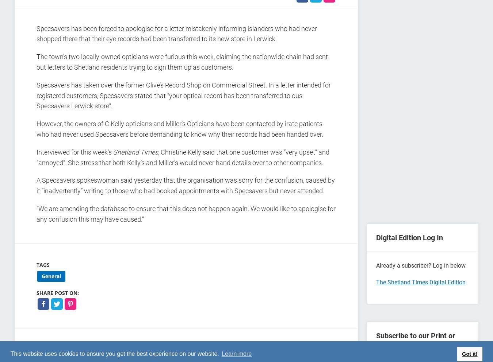 Image resolution: width=493 pixels, height=362 pixels. I want to click on '“We are amending the database to ensure that this does not happen again. We would like to apologise for any confusion this may have caused.”', so click(186, 213).